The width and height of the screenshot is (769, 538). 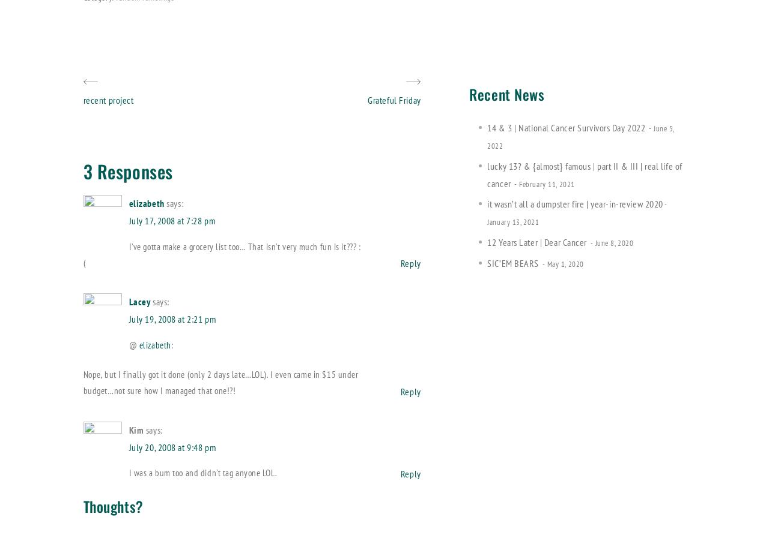 What do you see at coordinates (136, 429) in the screenshot?
I see `'Kim'` at bounding box center [136, 429].